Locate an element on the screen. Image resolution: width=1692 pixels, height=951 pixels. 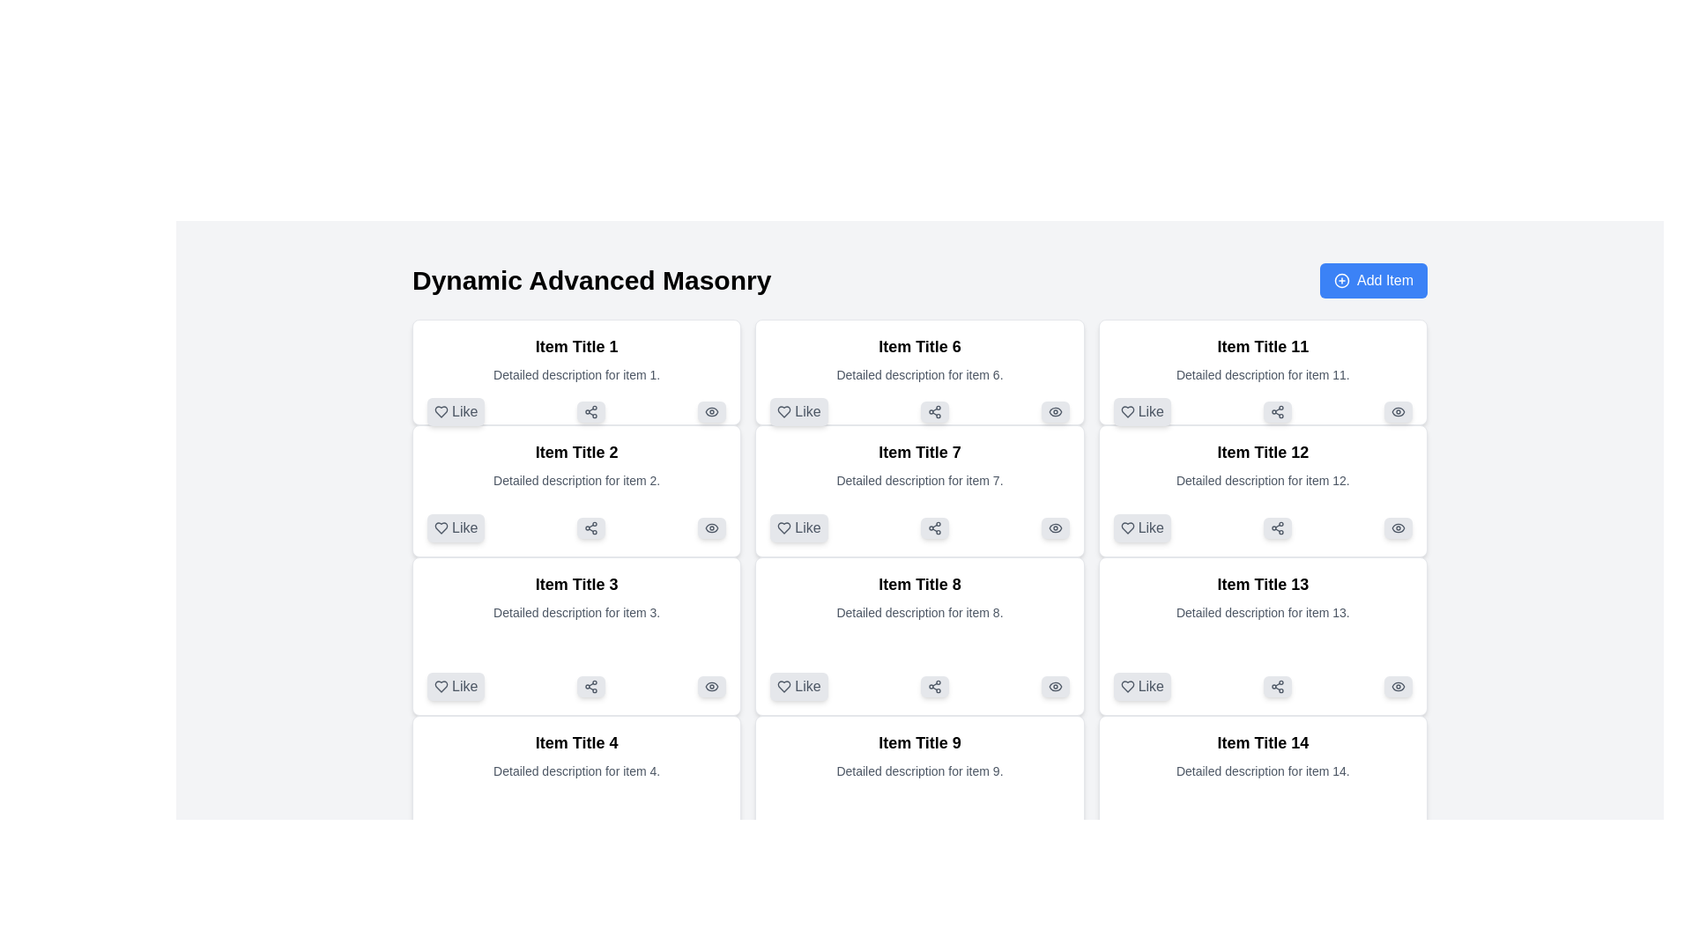
the 'Like' button, which is a small rectangular button with rounded corners displaying the word 'Like' in medium gray, located at the bottom-left corner of the card labeled 'Item Title 8' is located at coordinates (806, 685).